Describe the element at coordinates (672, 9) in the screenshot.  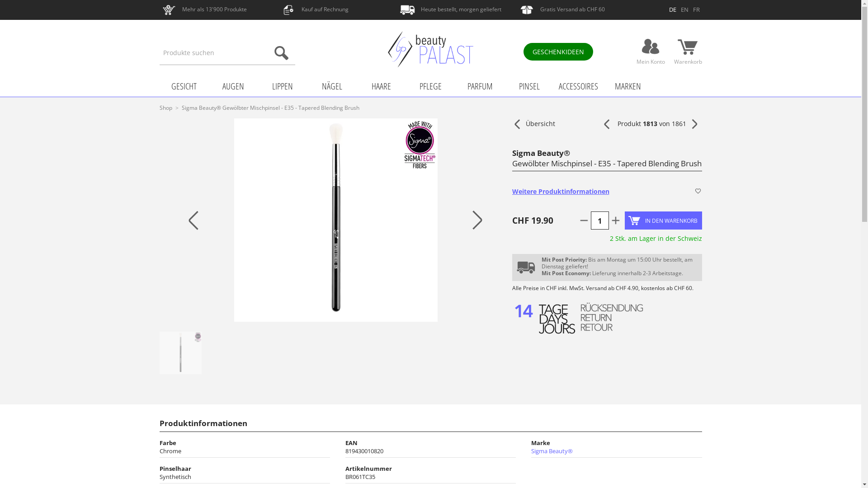
I see `'DE'` at that location.